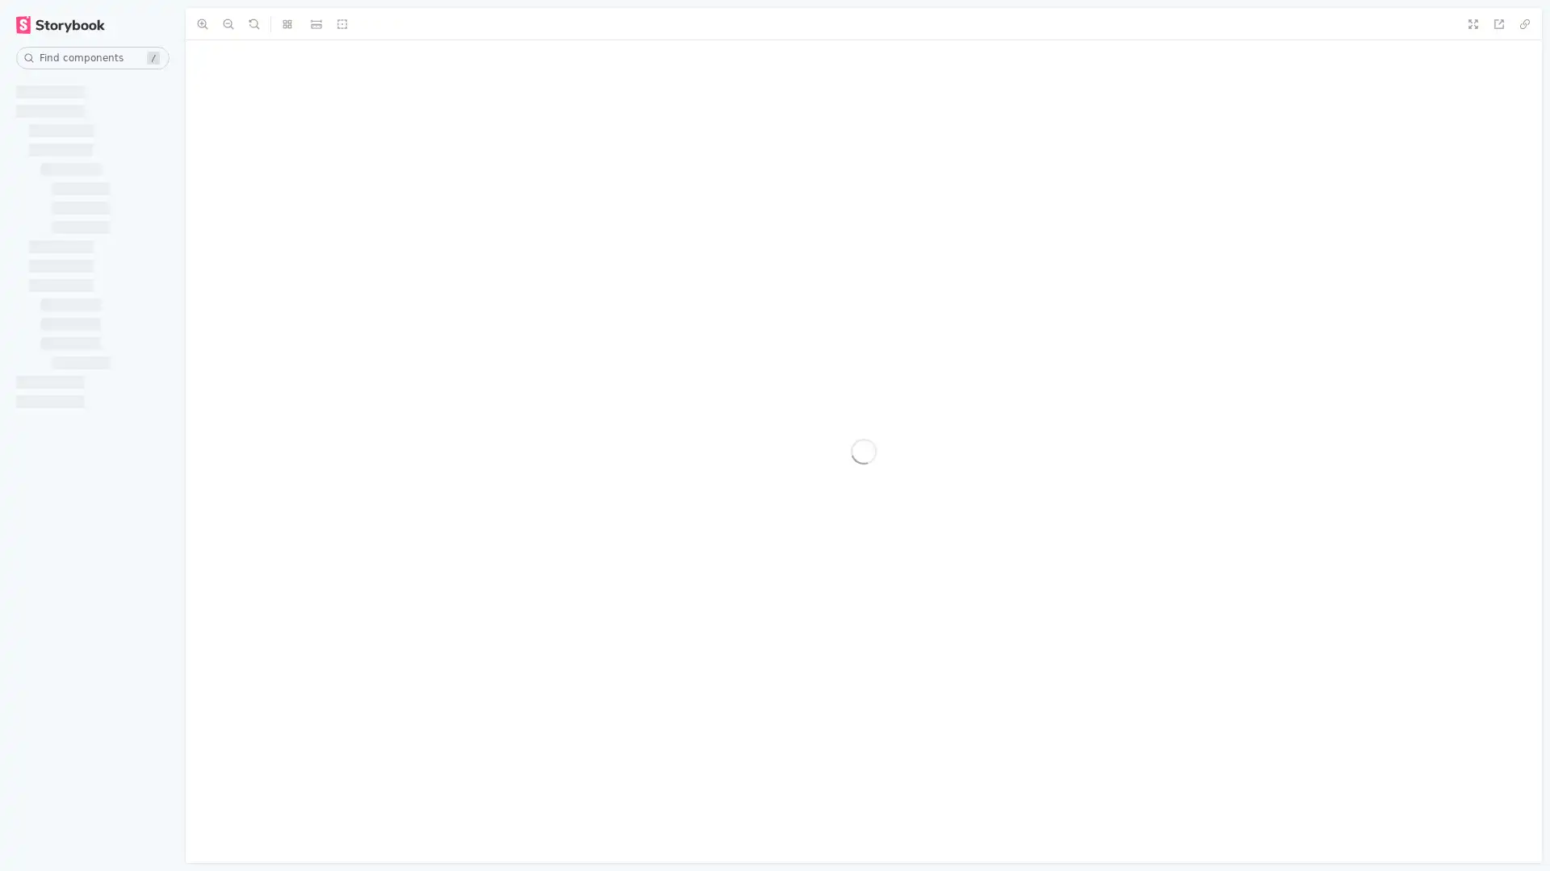 This screenshot has width=1550, height=871. What do you see at coordinates (80, 135) in the screenshot?
I see `INTERNAL STORIES` at bounding box center [80, 135].